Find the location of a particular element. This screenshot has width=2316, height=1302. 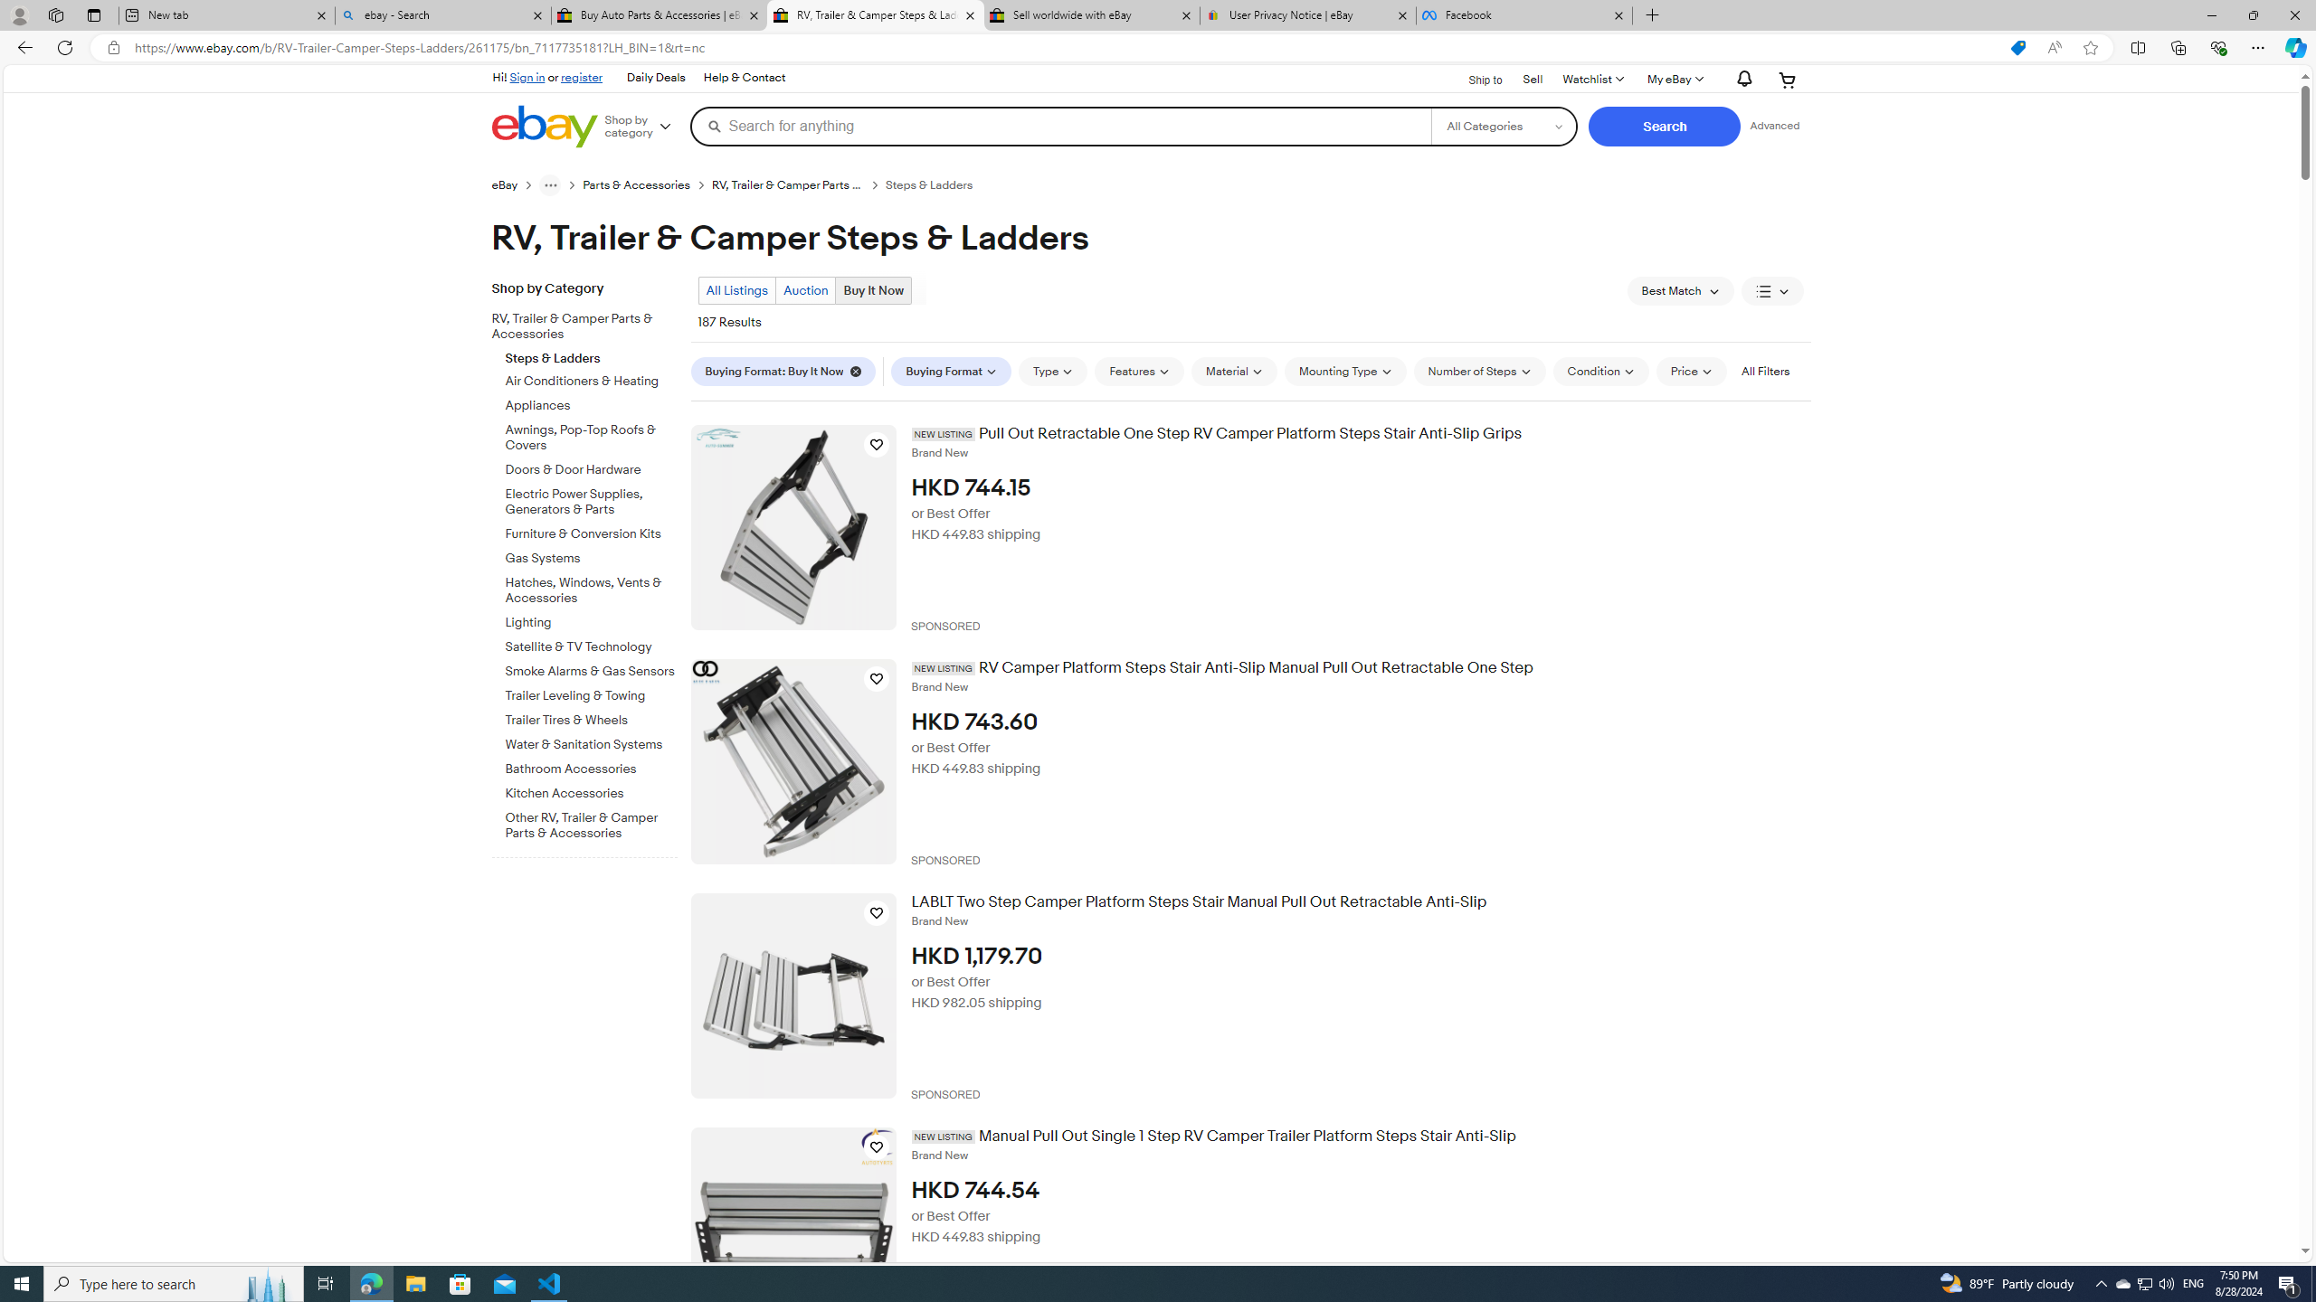

'Parts & Accessories' is located at coordinates (648, 184).